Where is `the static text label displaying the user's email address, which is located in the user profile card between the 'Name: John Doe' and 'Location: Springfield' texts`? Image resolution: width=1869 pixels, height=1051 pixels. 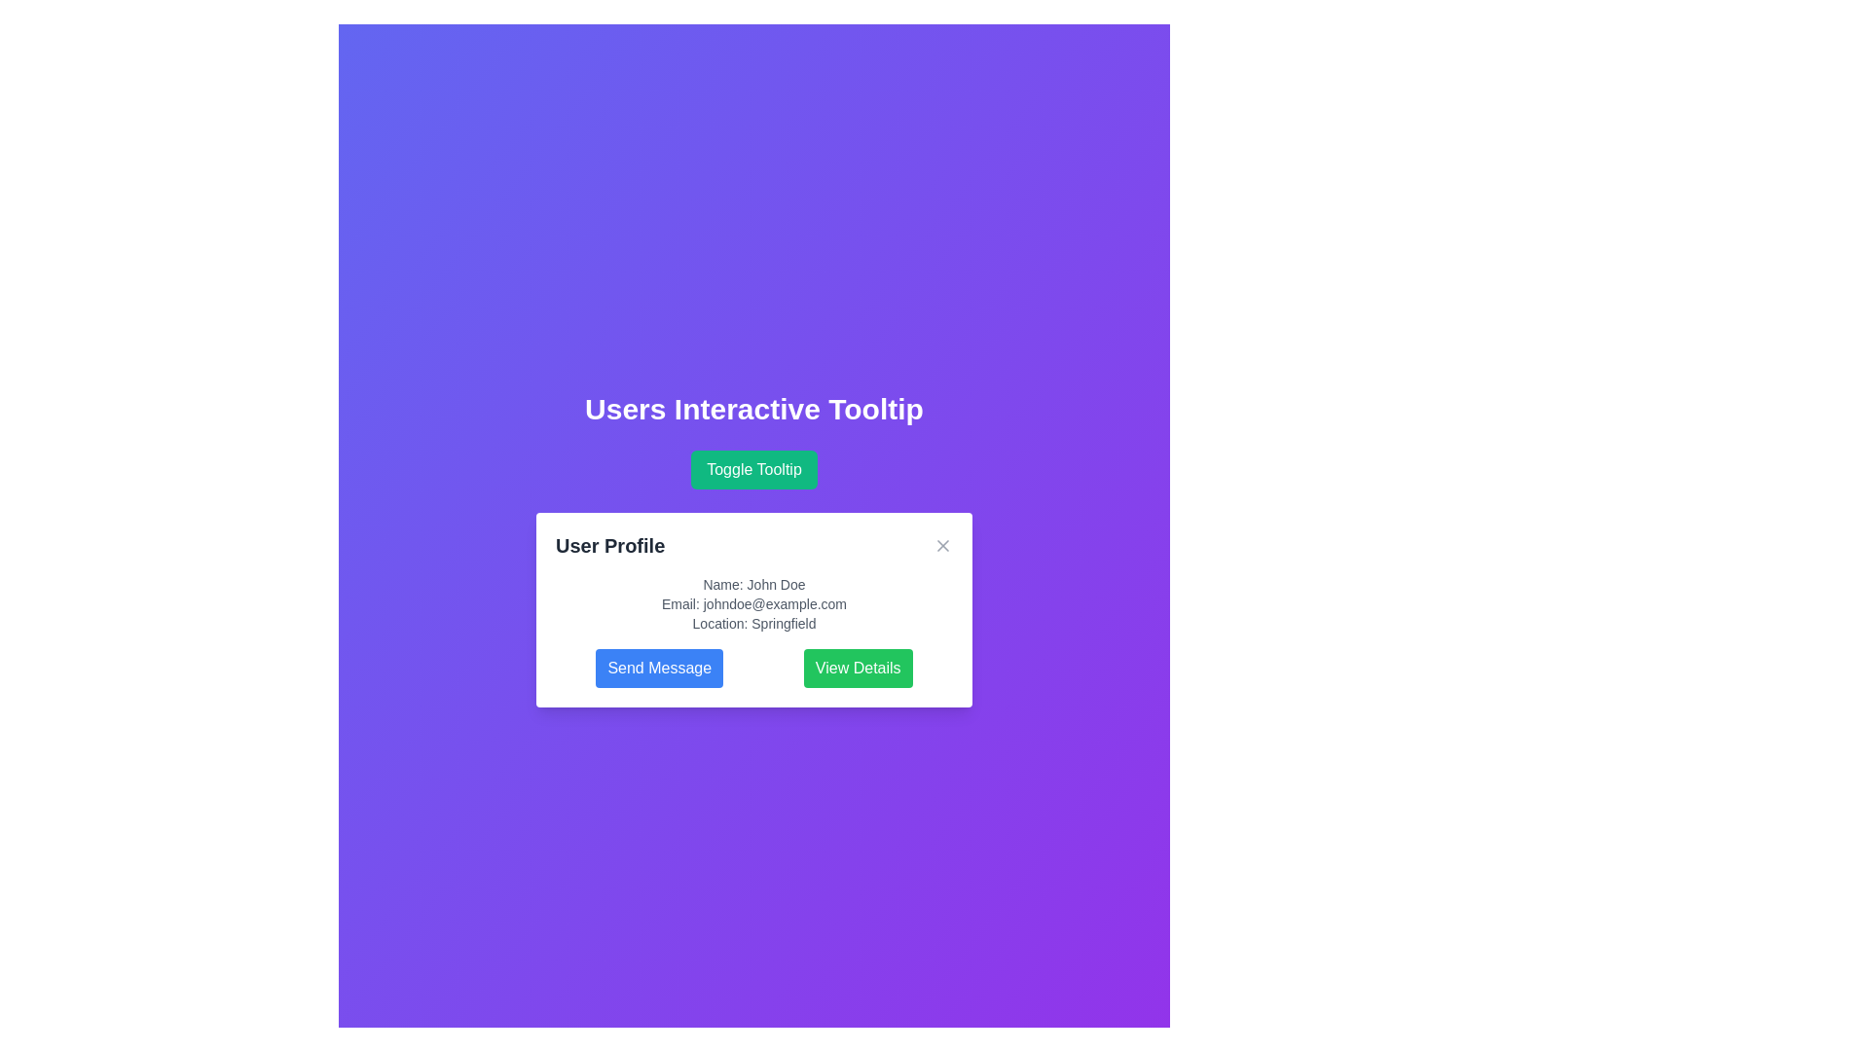
the static text label displaying the user's email address, which is located in the user profile card between the 'Name: John Doe' and 'Location: Springfield' texts is located at coordinates (752, 603).